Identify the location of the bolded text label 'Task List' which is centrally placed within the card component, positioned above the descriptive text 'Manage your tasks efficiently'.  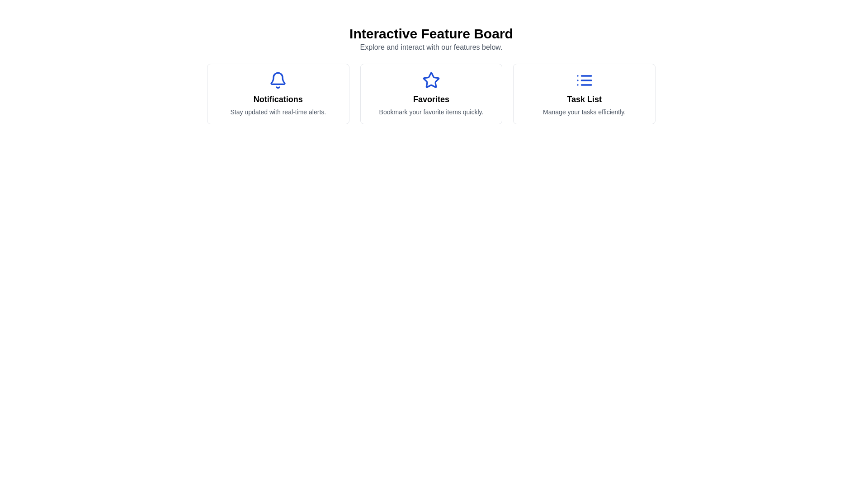
(584, 99).